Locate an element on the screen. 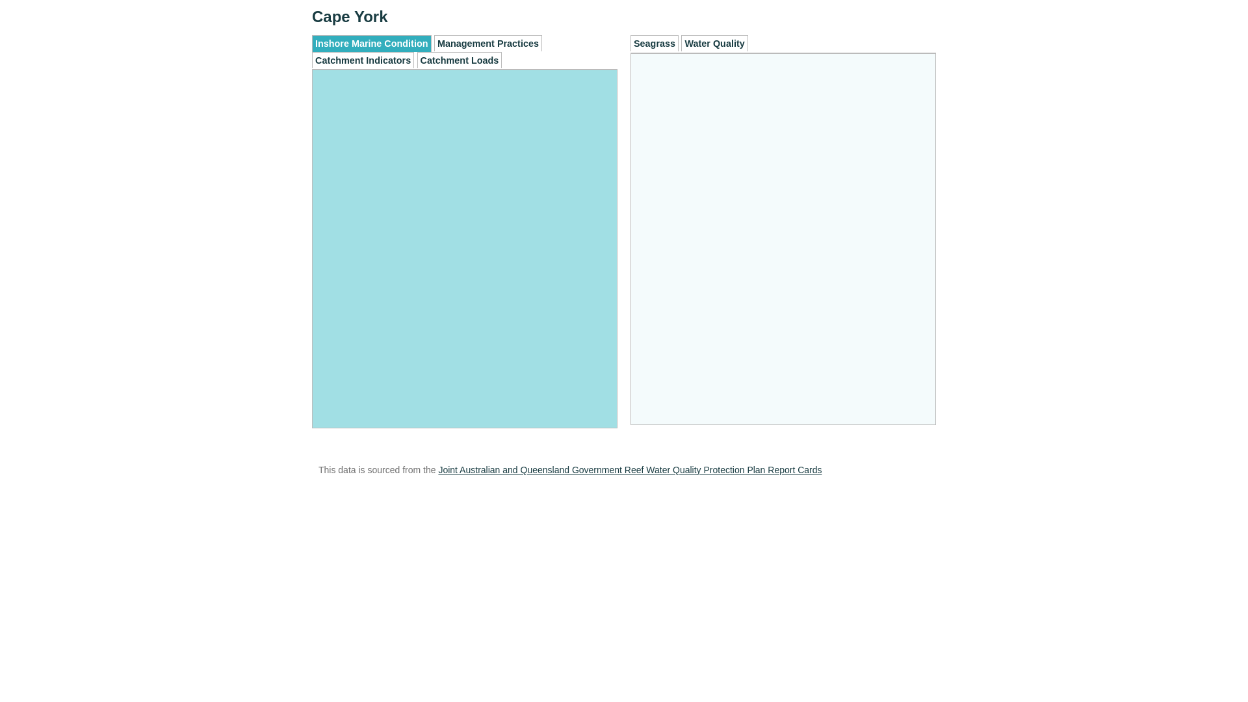  'Management Practices' is located at coordinates (487, 42).